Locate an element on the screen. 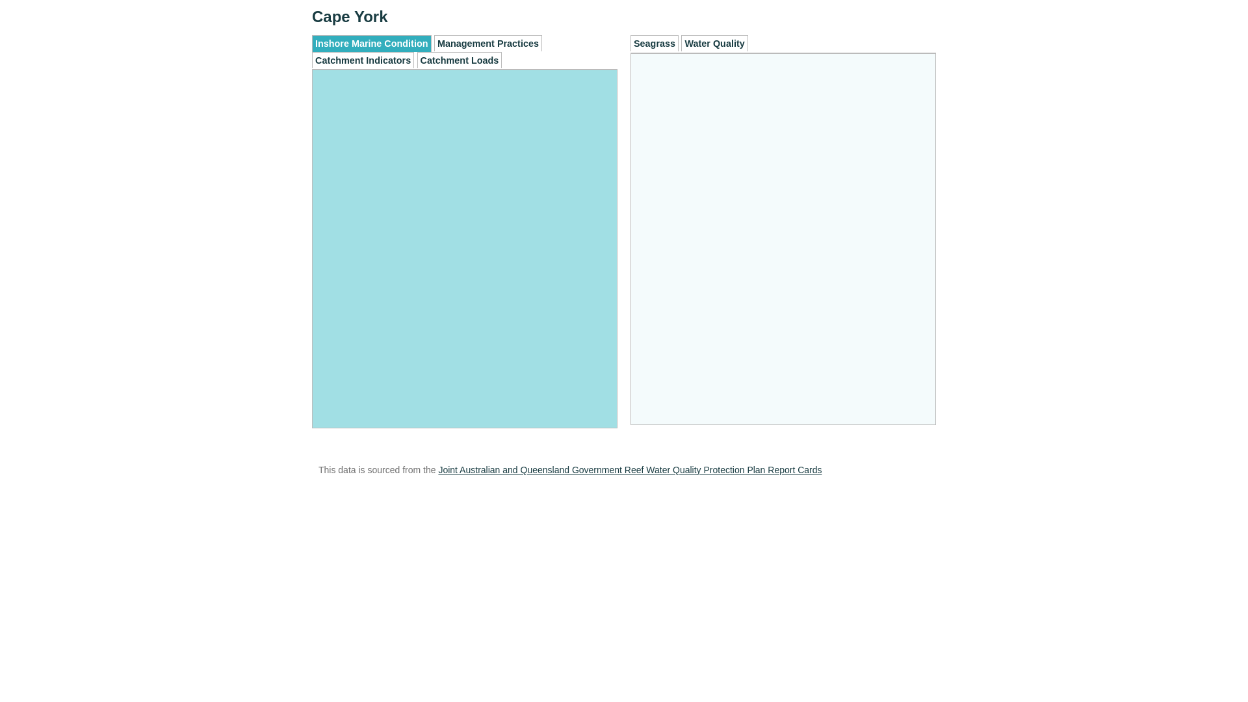  'Management Practices' is located at coordinates (487, 42).